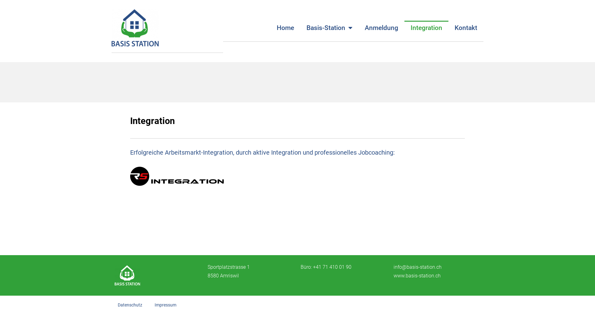 The height and width of the screenshot is (334, 595). I want to click on 'Impressum', so click(165, 305).